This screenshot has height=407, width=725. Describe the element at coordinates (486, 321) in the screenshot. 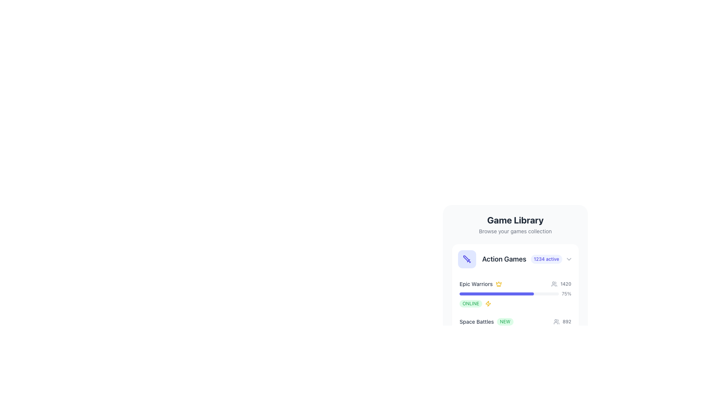

I see `the 'Space Battles' text label with a 'NEW' badge, which is located in the lower section of a card-style list under 'Action Games'` at that location.